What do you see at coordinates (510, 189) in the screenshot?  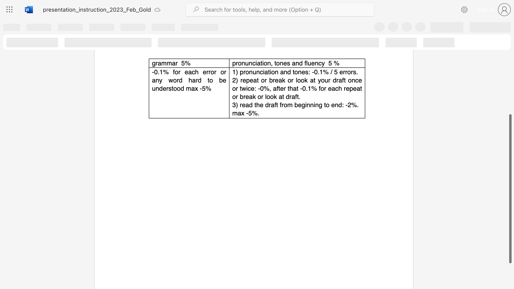 I see `the scrollbar and move up 90 pixels` at bounding box center [510, 189].